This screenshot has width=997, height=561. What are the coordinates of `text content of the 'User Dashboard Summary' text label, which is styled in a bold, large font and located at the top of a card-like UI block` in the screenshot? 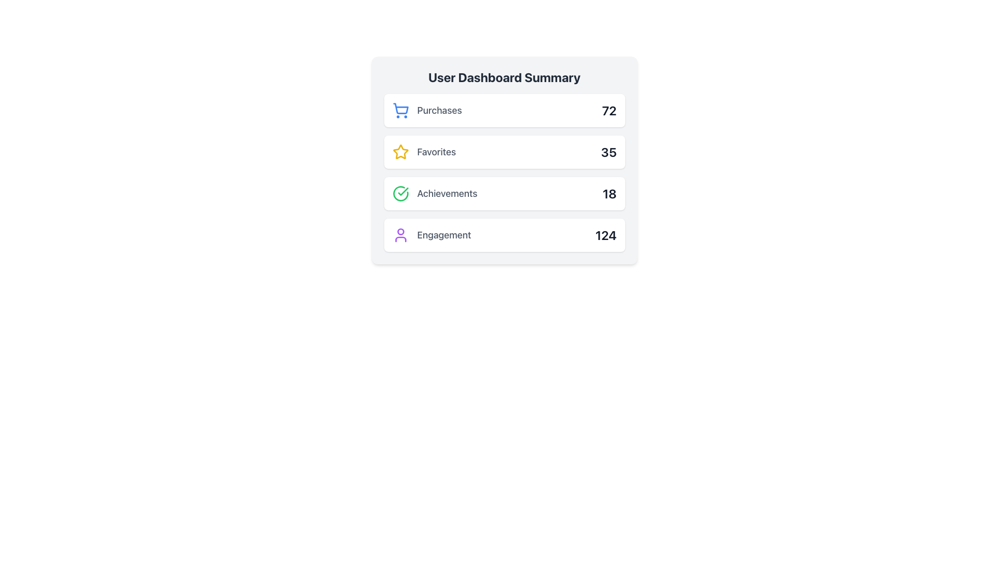 It's located at (504, 77).